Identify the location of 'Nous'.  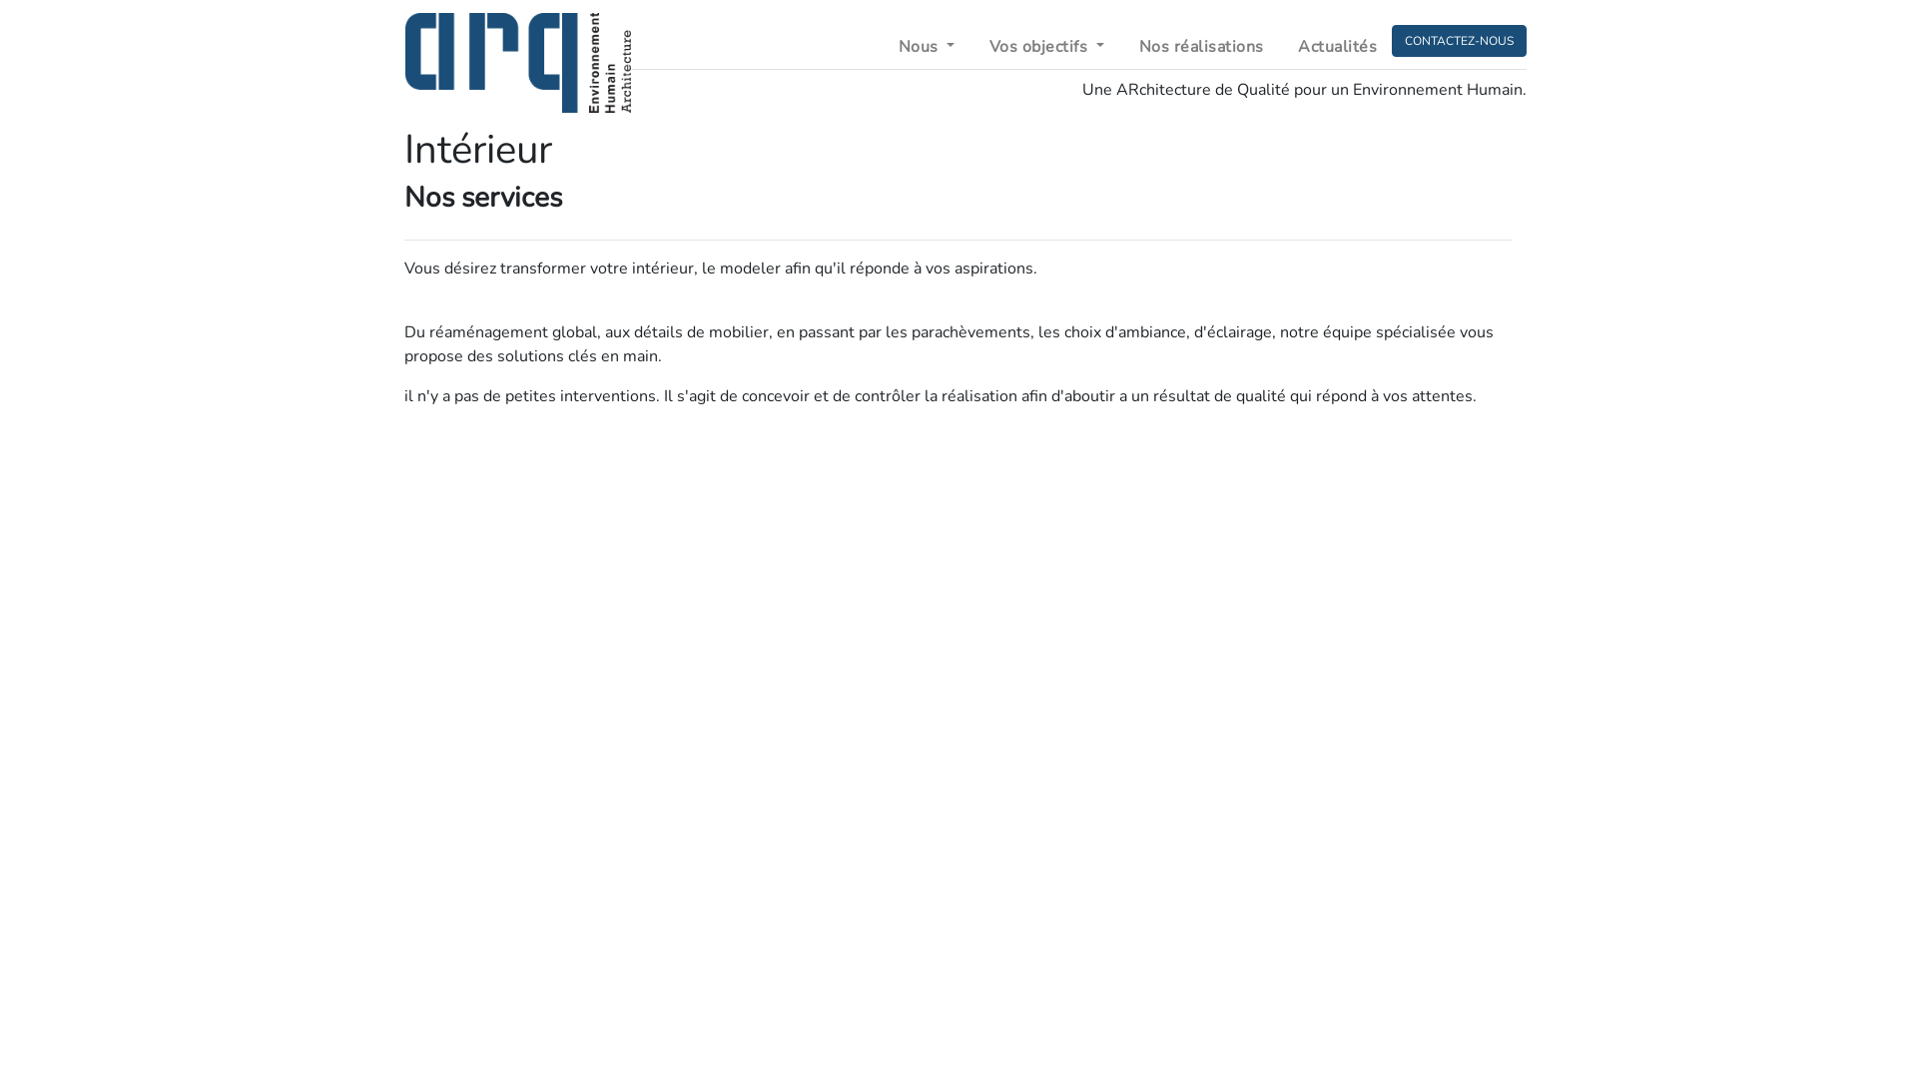
(926, 45).